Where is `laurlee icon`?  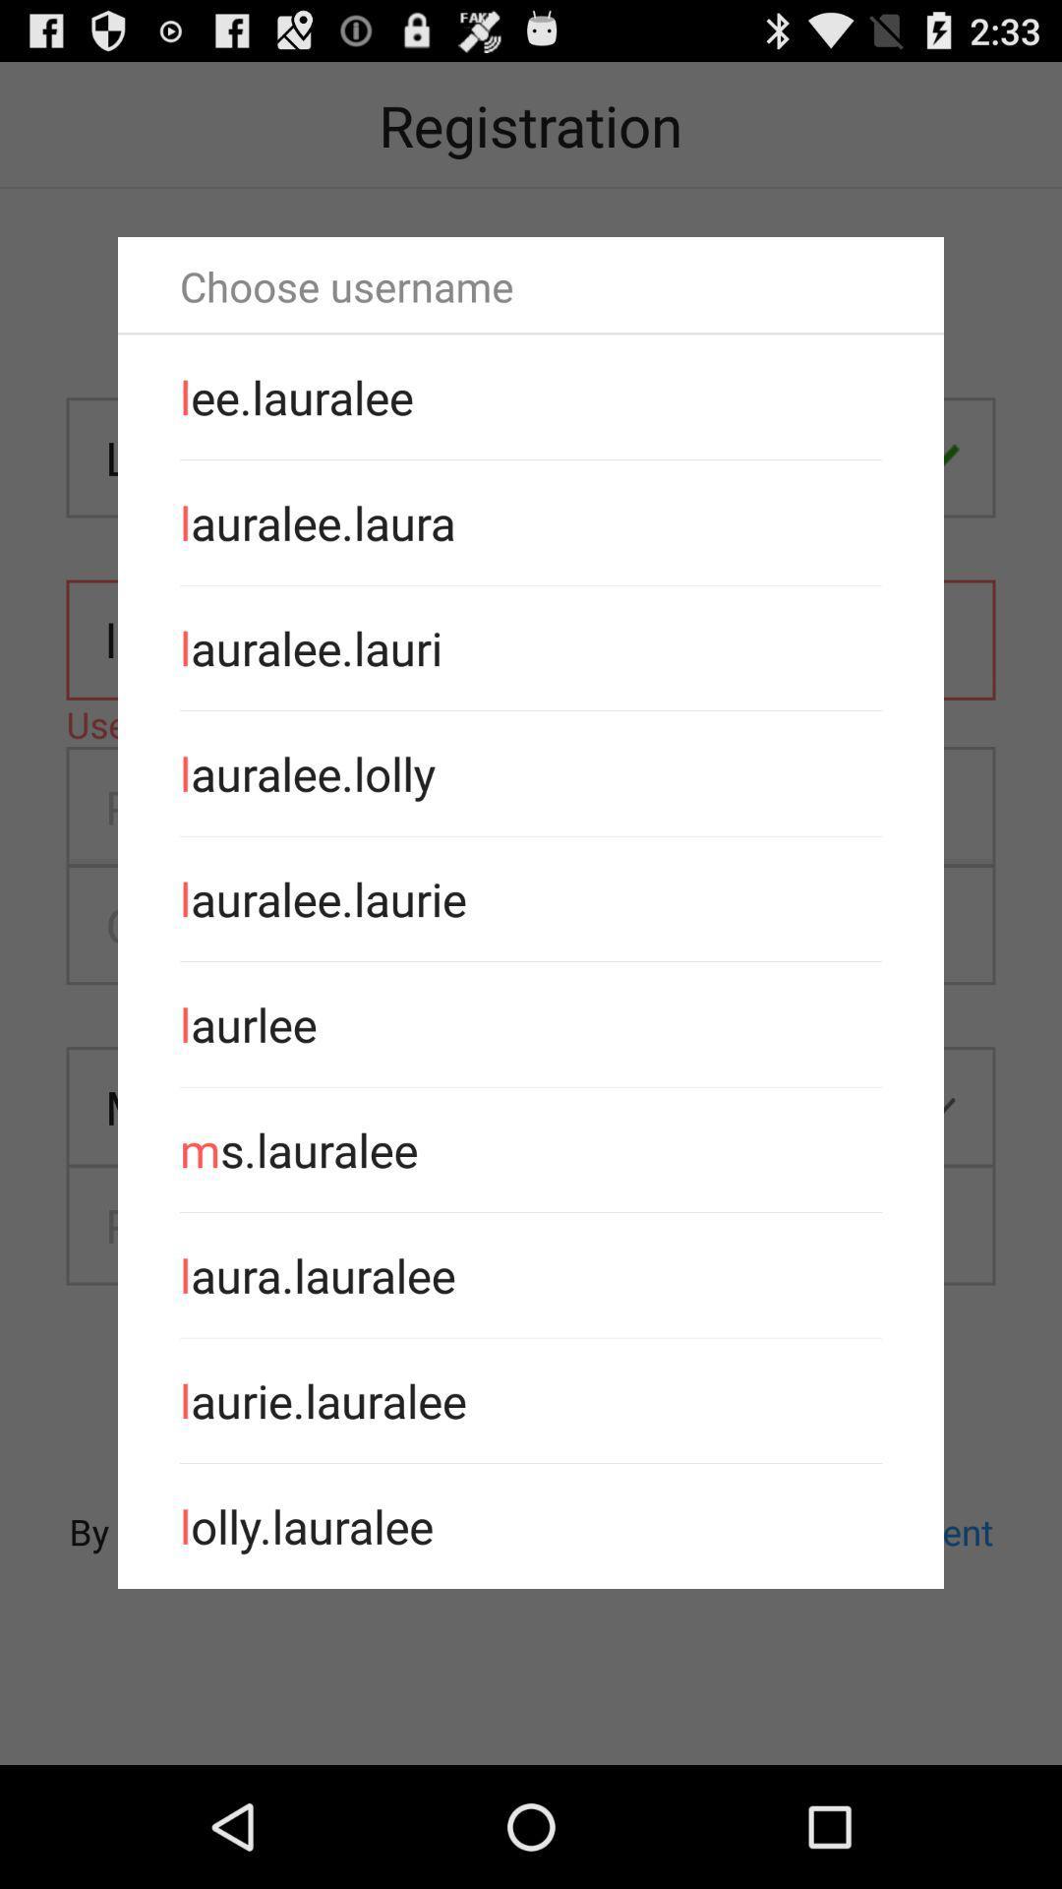 laurlee icon is located at coordinates (531, 1023).